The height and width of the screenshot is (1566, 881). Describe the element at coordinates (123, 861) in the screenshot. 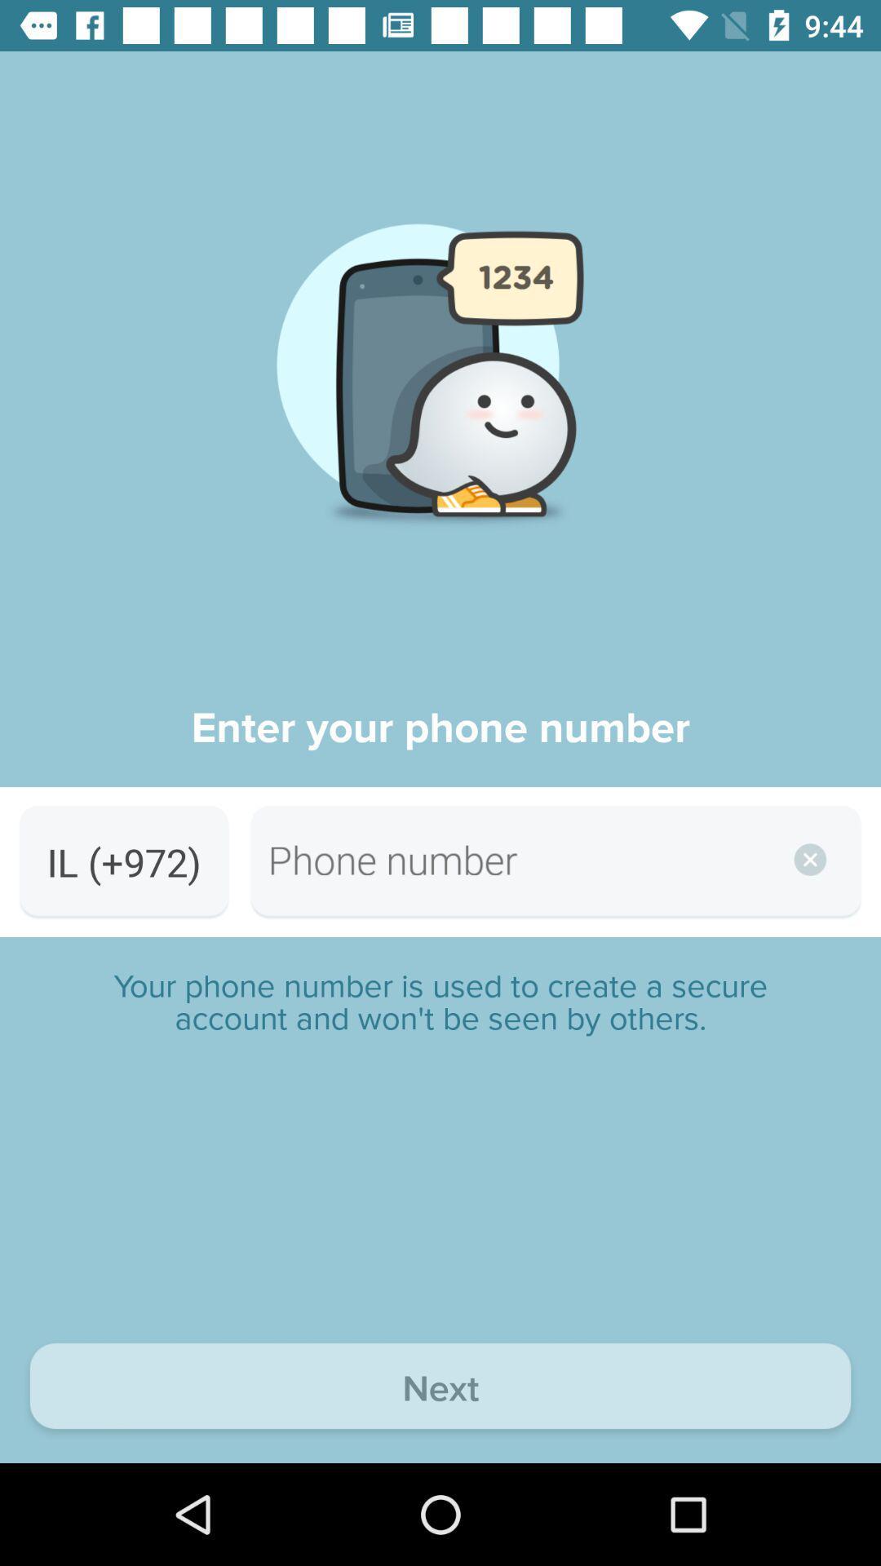

I see `the il (+972)` at that location.